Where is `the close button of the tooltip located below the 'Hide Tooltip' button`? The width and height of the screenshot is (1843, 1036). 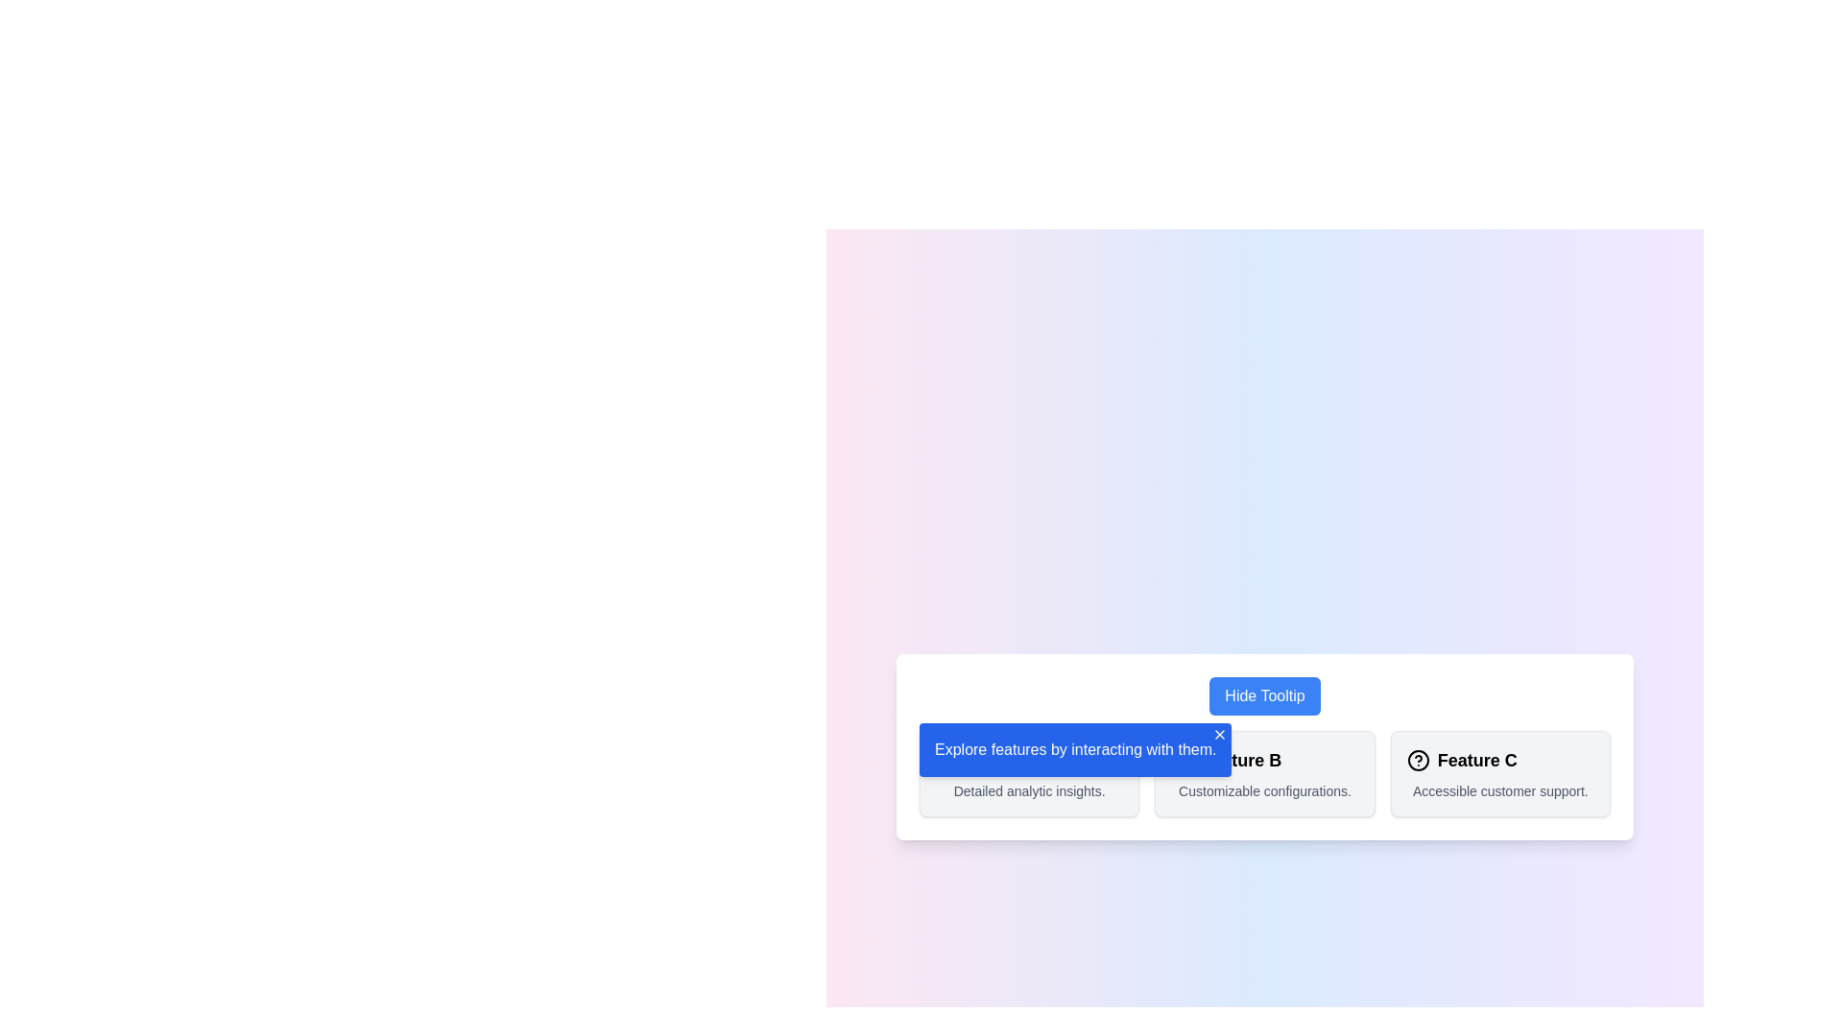 the close button of the tooltip located below the 'Hide Tooltip' button is located at coordinates (1075, 749).